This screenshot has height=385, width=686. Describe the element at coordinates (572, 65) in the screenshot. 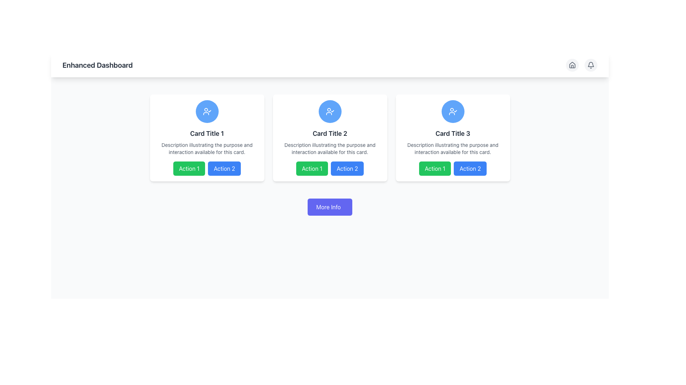

I see `the button in the upper-right corner of the interface, which serves as a shortcut` at that location.